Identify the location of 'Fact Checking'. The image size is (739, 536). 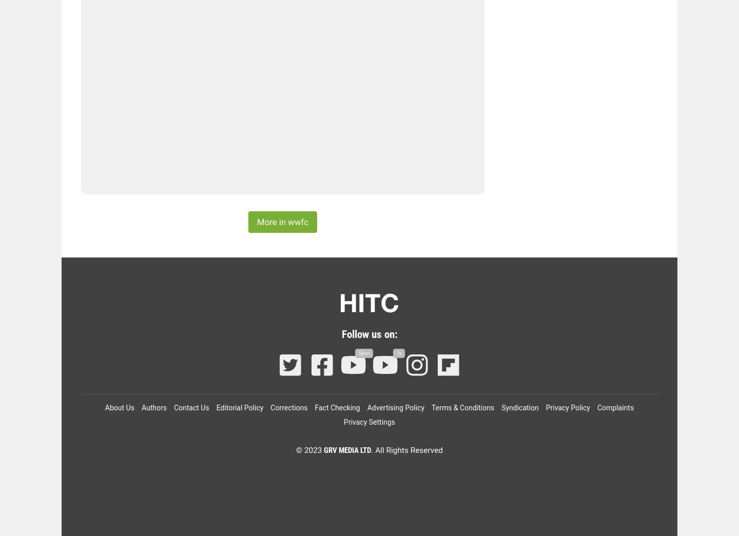
(336, 408).